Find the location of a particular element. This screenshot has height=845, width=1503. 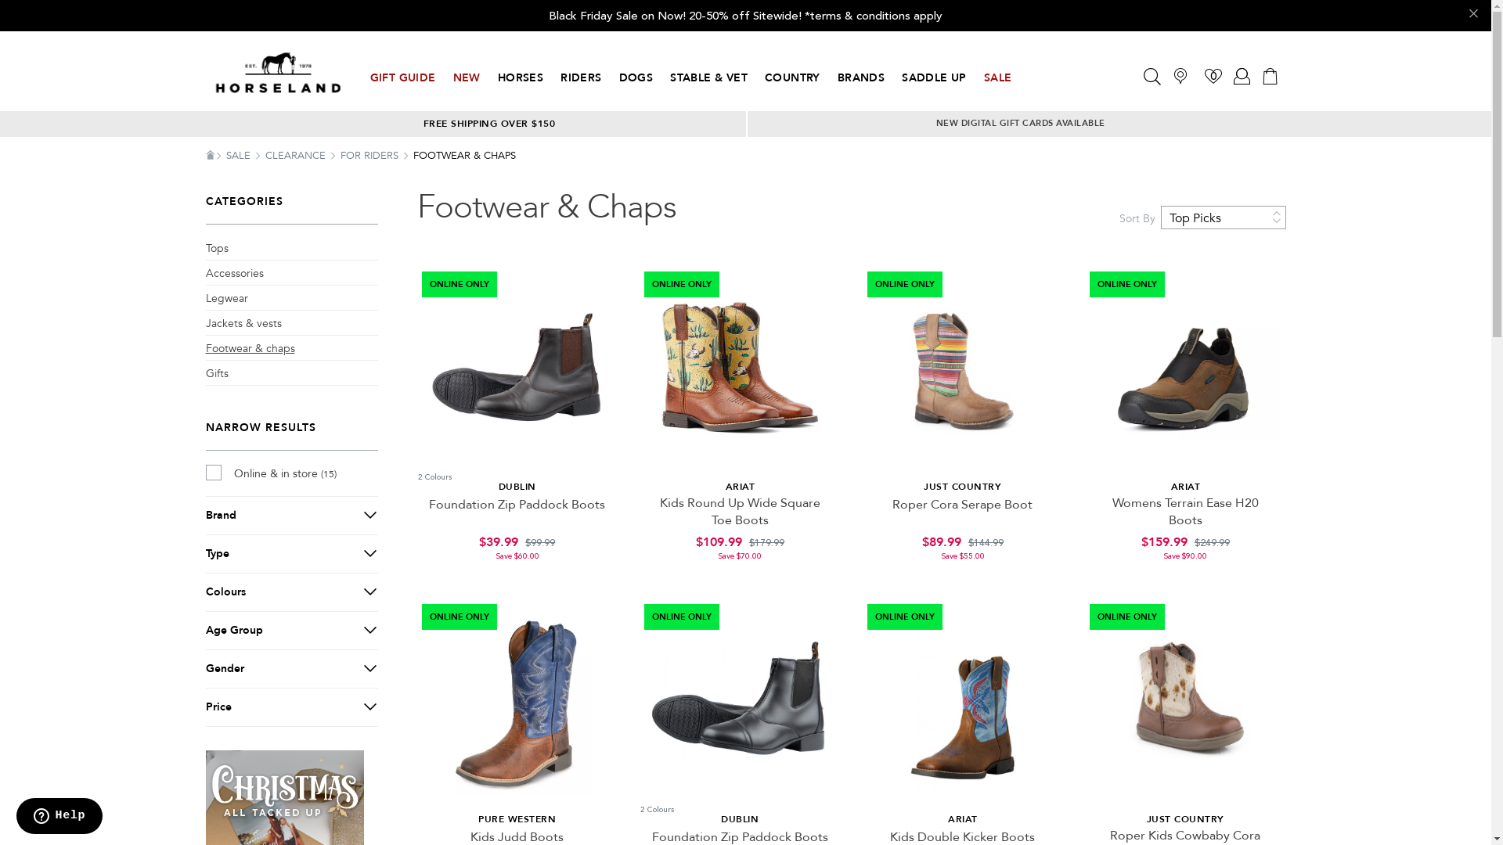

'x' is located at coordinates (1471, 15).